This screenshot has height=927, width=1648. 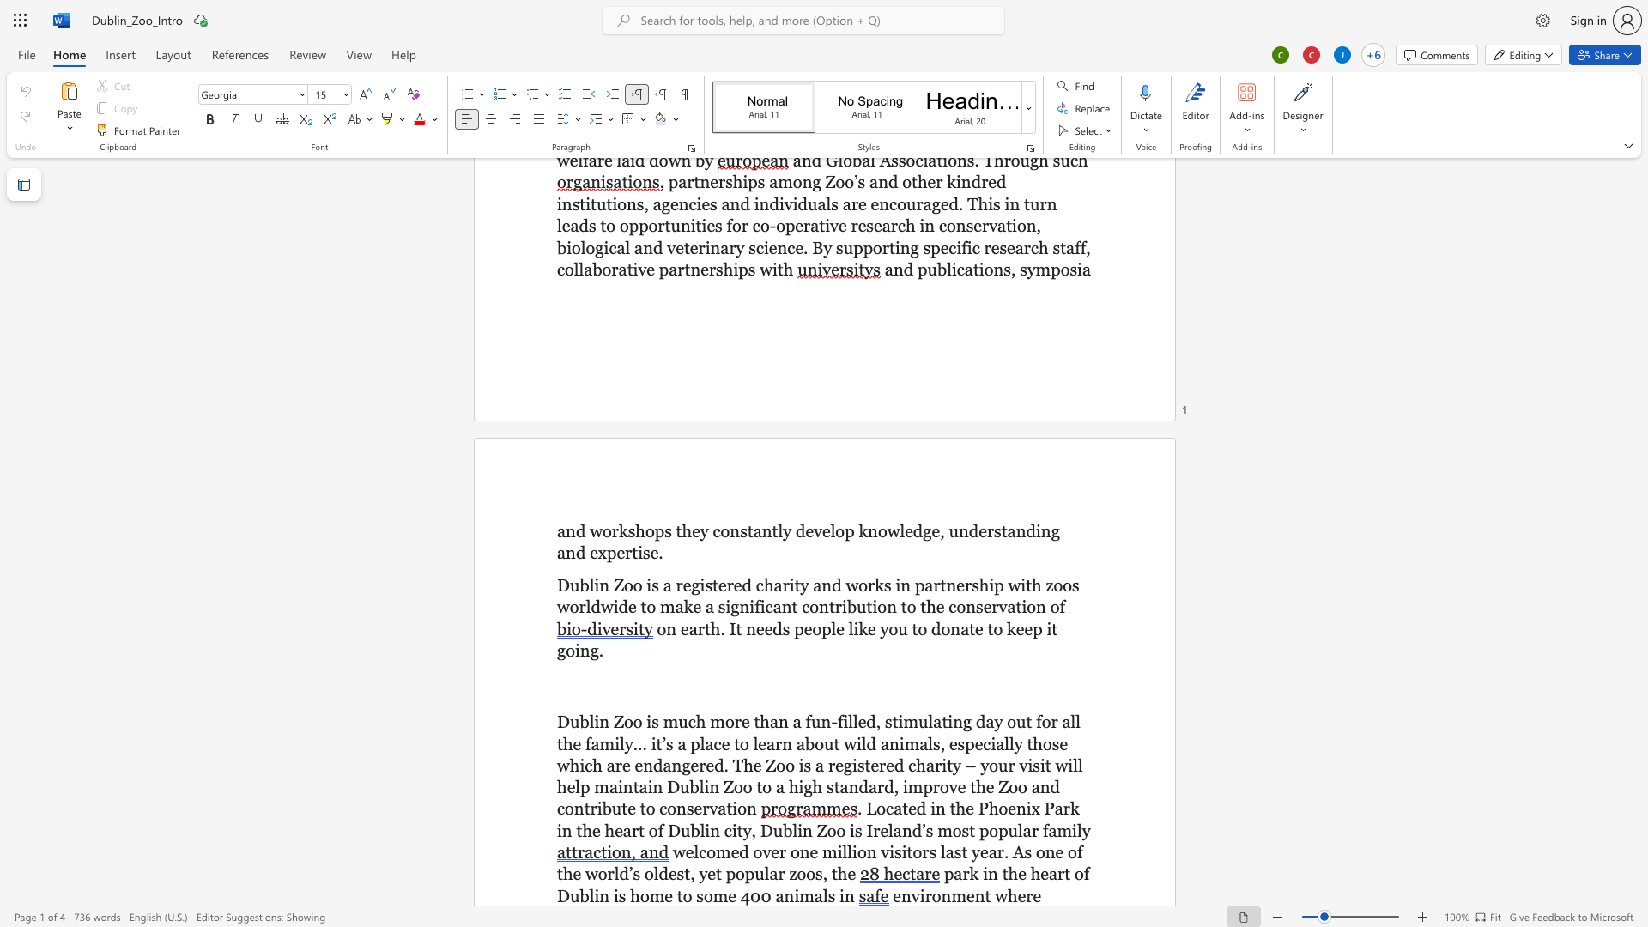 I want to click on the space between the continuous character "n" and "-" in the text, so click(x=830, y=722).